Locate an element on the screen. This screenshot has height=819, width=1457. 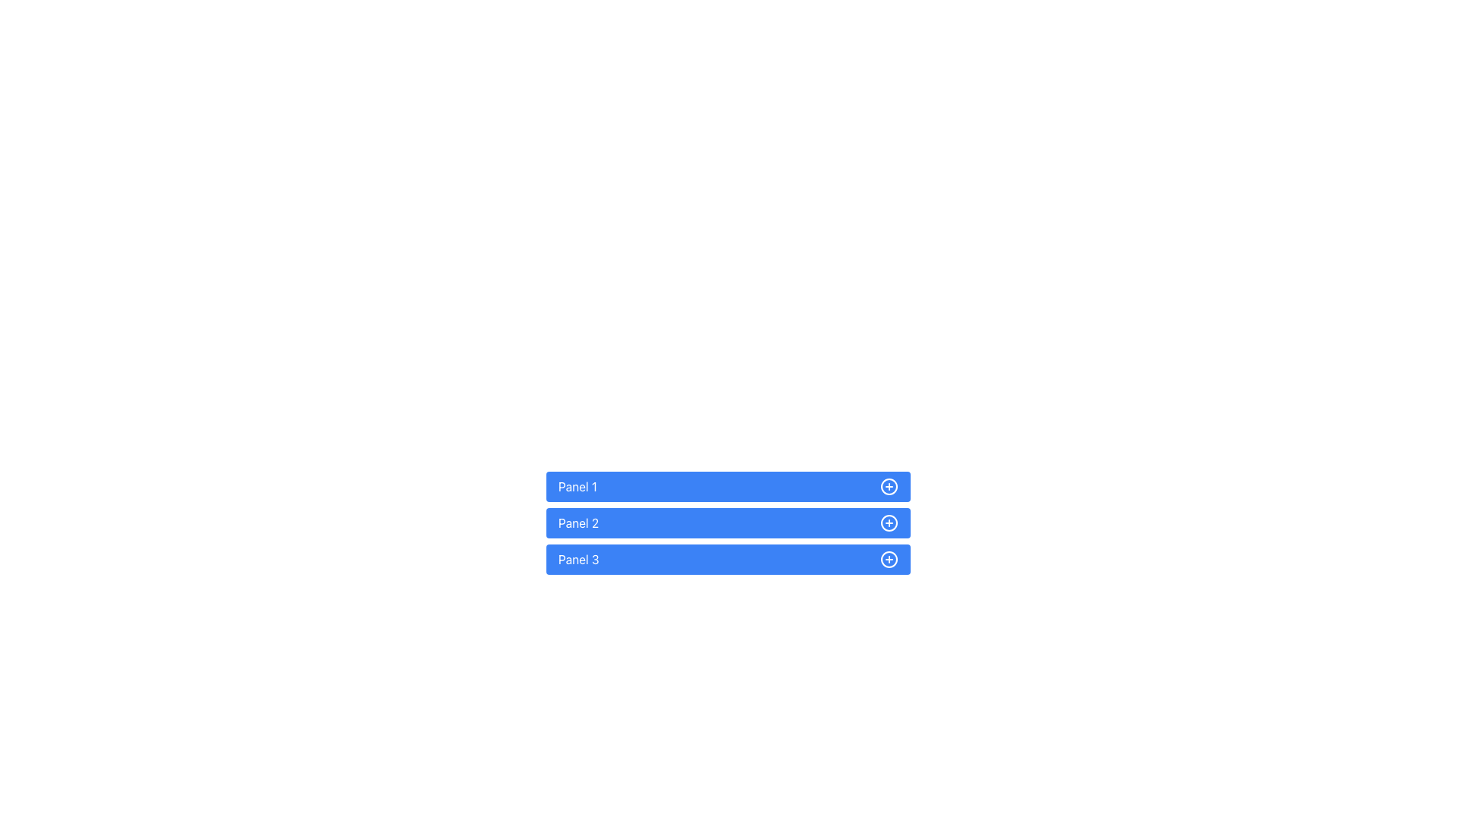
the second panel item is located at coordinates (728, 522).